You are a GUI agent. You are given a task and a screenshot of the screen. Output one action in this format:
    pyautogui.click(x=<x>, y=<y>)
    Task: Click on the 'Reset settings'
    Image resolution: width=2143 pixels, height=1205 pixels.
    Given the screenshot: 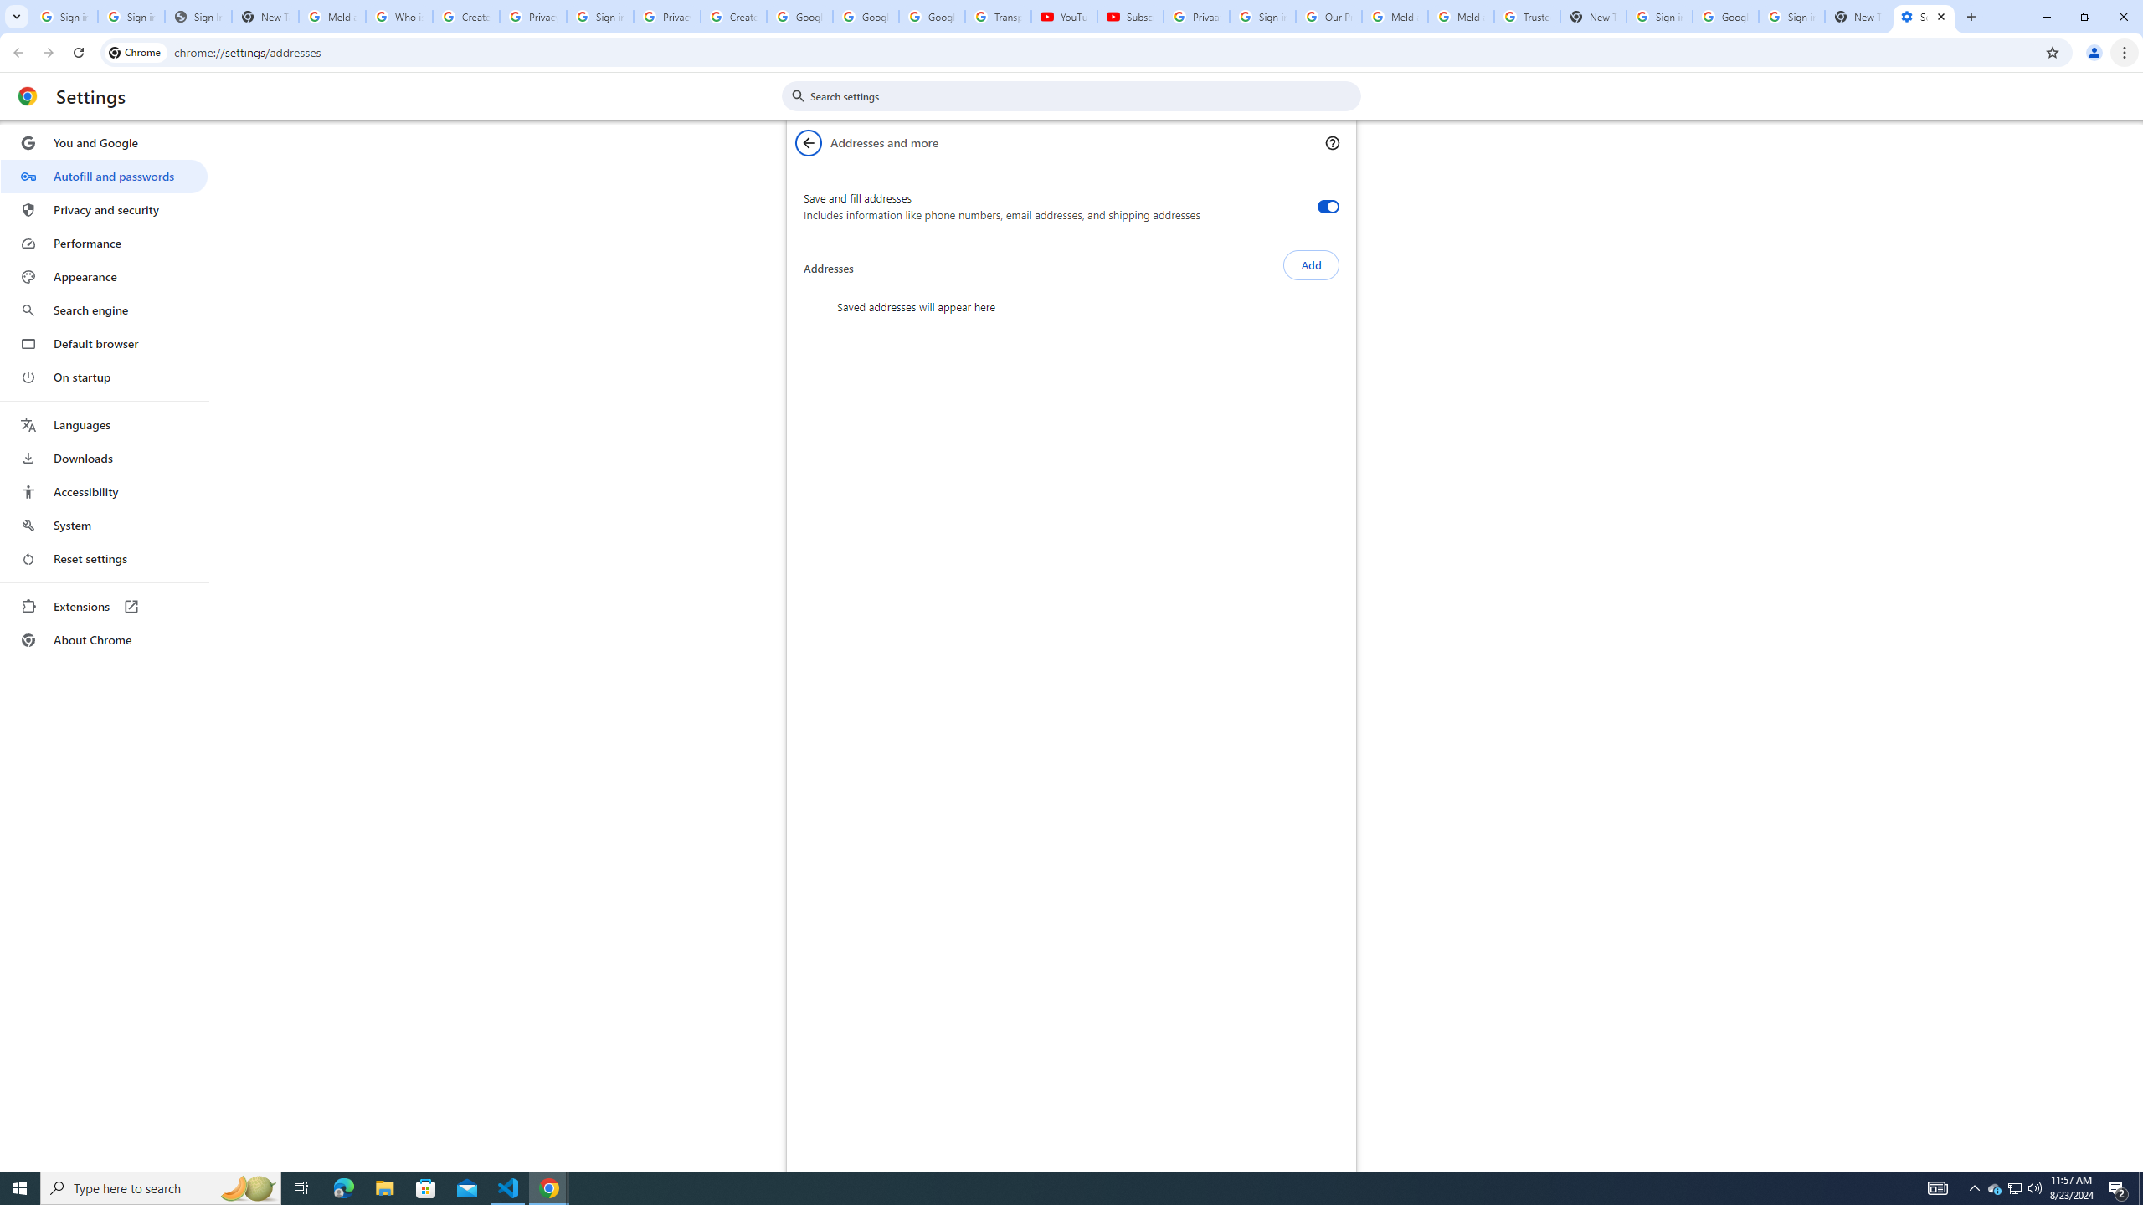 What is the action you would take?
    pyautogui.click(x=103, y=558)
    